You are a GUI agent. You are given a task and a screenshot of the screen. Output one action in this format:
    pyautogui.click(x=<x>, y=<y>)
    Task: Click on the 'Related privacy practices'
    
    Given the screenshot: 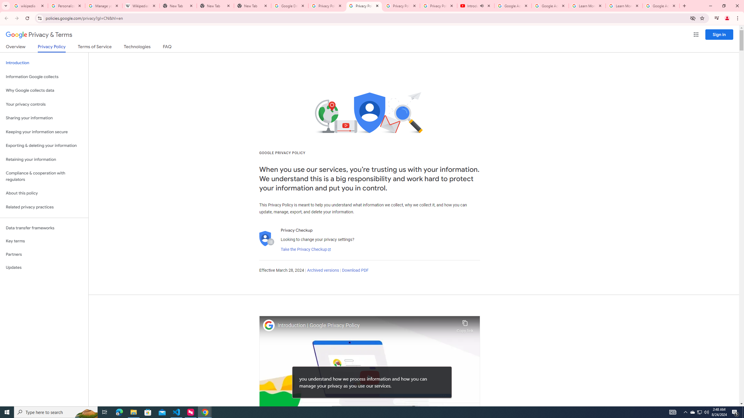 What is the action you would take?
    pyautogui.click(x=44, y=207)
    